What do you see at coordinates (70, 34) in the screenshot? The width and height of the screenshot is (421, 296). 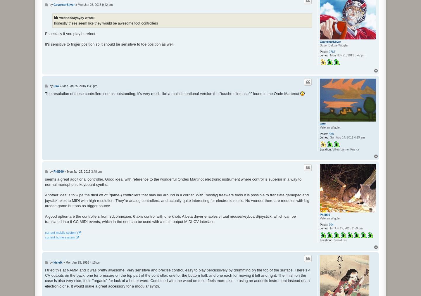 I see `'Especially if you play barefoot.'` at bounding box center [70, 34].